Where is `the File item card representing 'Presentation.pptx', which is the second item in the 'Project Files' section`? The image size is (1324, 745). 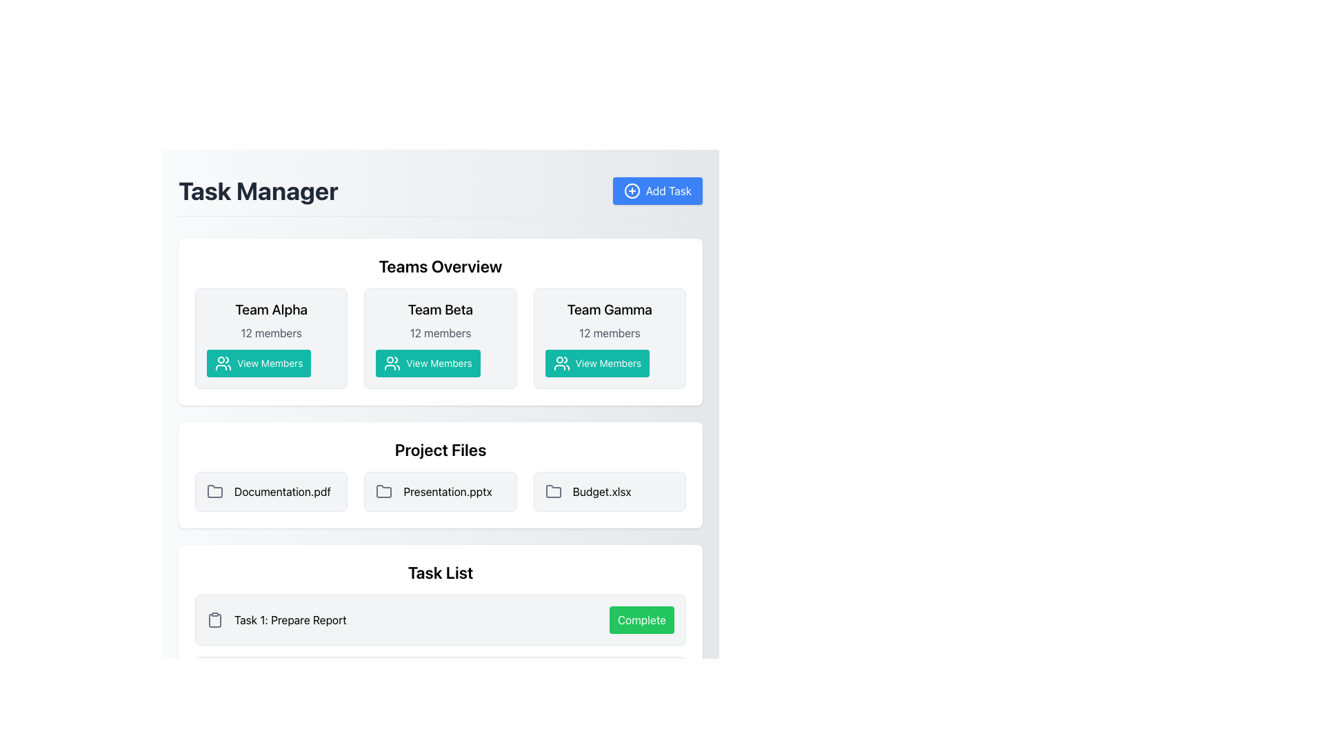
the File item card representing 'Presentation.pptx', which is the second item in the 'Project Files' section is located at coordinates (439, 491).